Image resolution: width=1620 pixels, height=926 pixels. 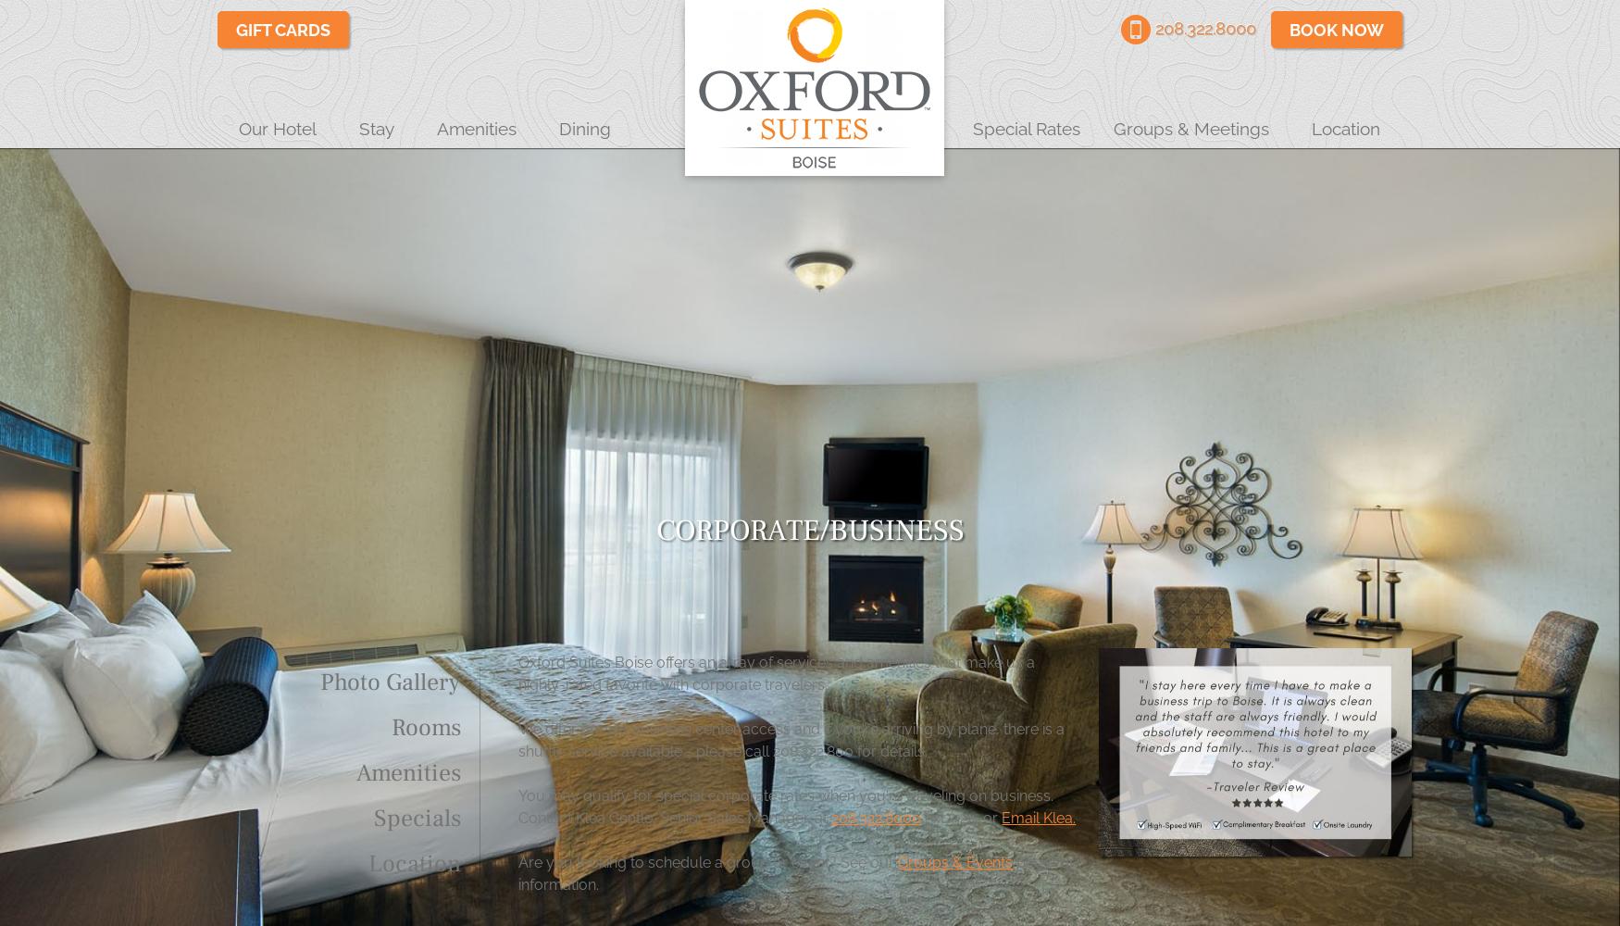 I want to click on 'Oxford Suites Boise offers an array of services and amenities that make us a highly-rated favorite with corporate travelers.', so click(x=776, y=672).